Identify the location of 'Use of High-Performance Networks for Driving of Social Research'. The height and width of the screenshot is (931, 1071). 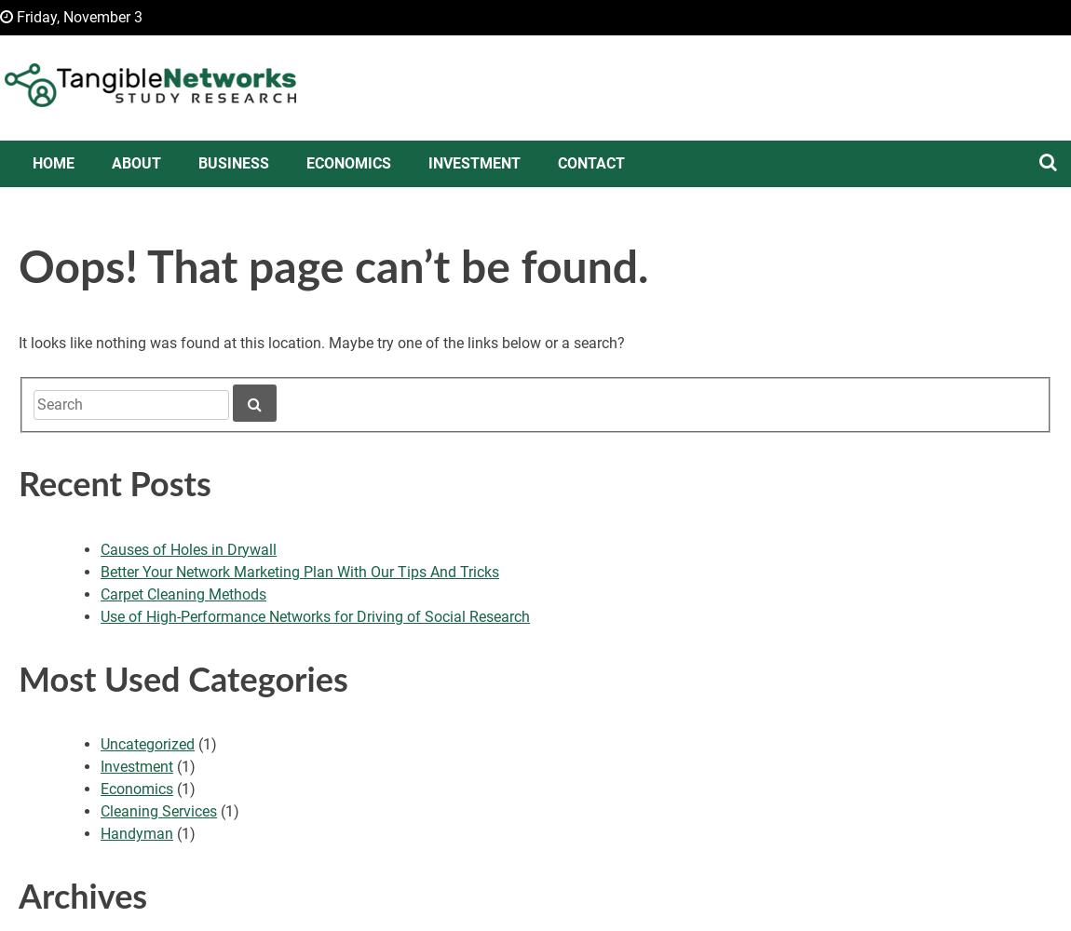
(315, 615).